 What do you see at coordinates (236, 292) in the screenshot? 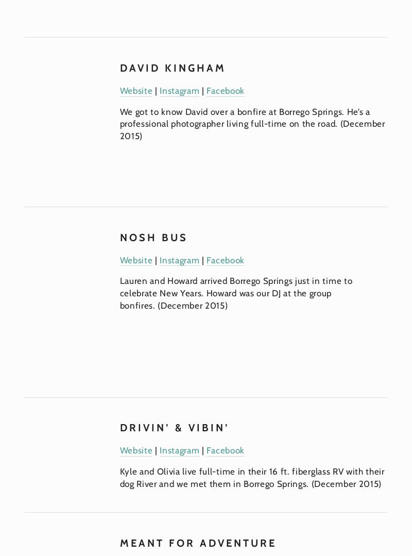
I see `'Lauren and Howard arrived Borrego Springs just in time to celebrate New Years. Howard was our DJ at the group bonfires. (December 2015)'` at bounding box center [236, 292].